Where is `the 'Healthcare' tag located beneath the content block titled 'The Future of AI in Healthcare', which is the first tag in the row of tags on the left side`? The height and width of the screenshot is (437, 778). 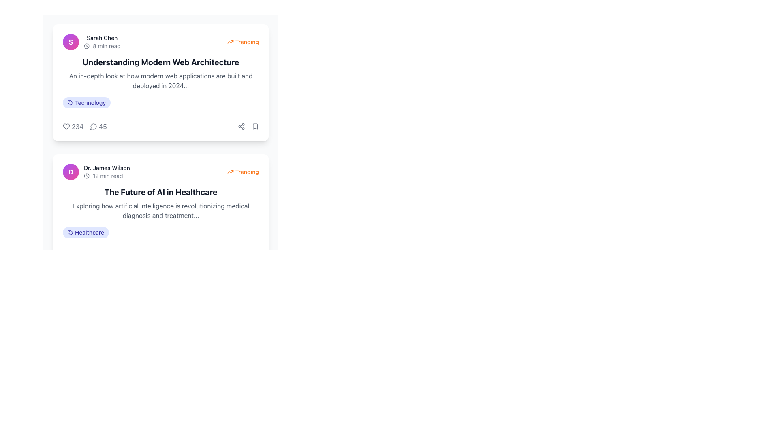 the 'Healthcare' tag located beneath the content block titled 'The Future of AI in Healthcare', which is the first tag in the row of tags on the left side is located at coordinates (161, 232).